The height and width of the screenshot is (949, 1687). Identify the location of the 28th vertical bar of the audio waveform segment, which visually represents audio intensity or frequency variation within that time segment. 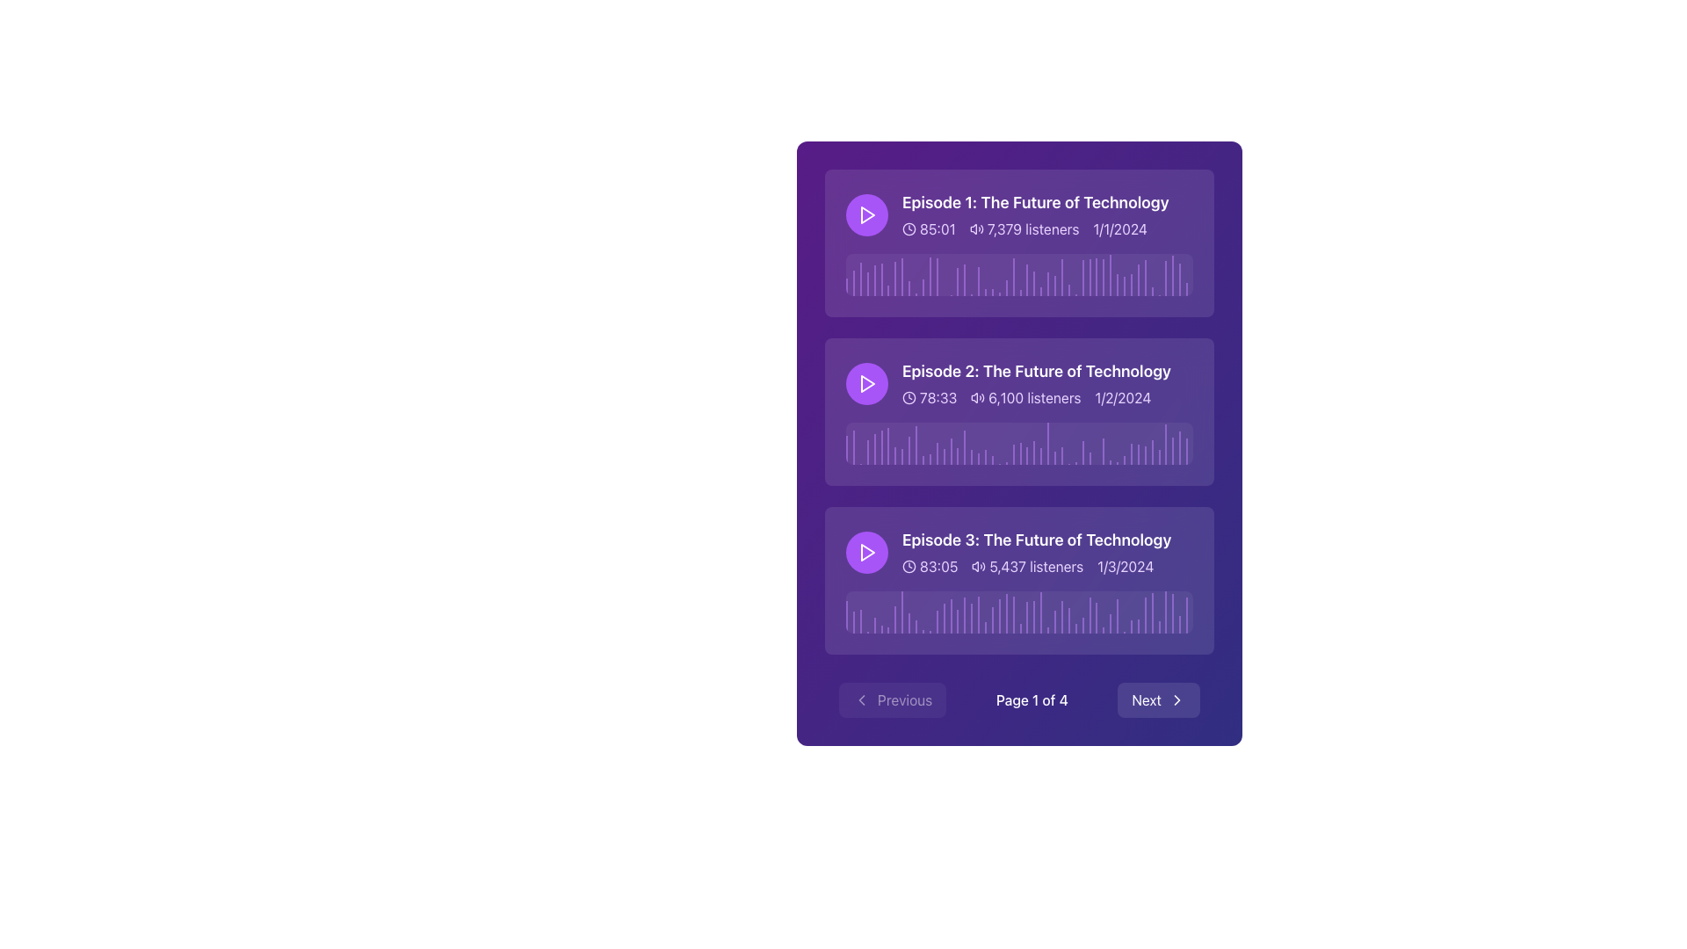
(1034, 452).